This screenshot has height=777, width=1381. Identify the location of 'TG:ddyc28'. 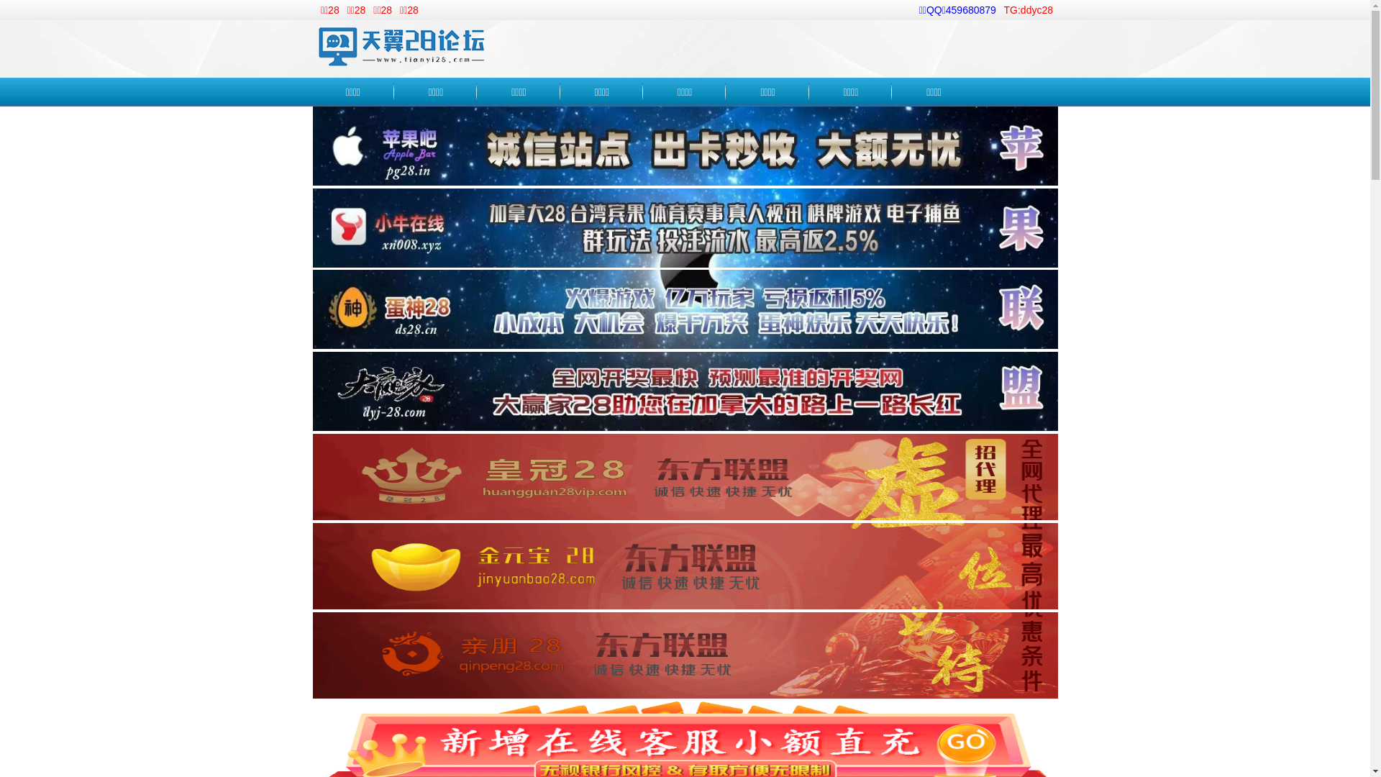
(1028, 10).